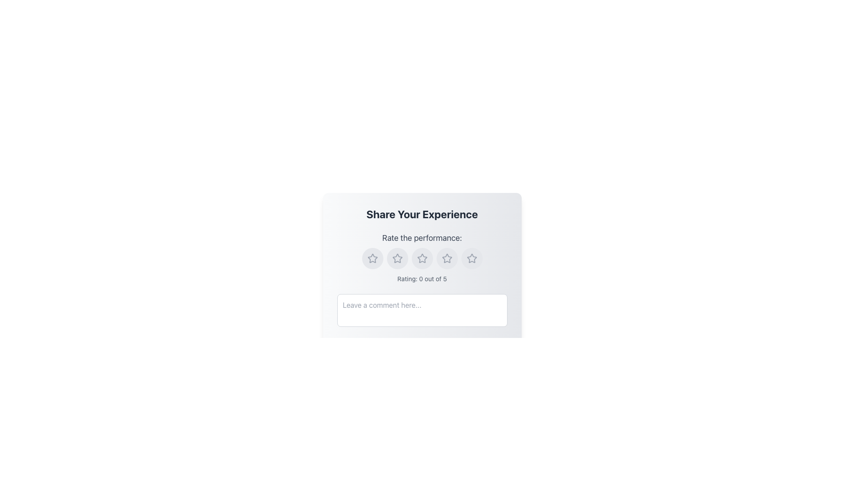 This screenshot has height=479, width=851. Describe the element at coordinates (397, 258) in the screenshot. I see `the second gray star-shaped rating icon` at that location.